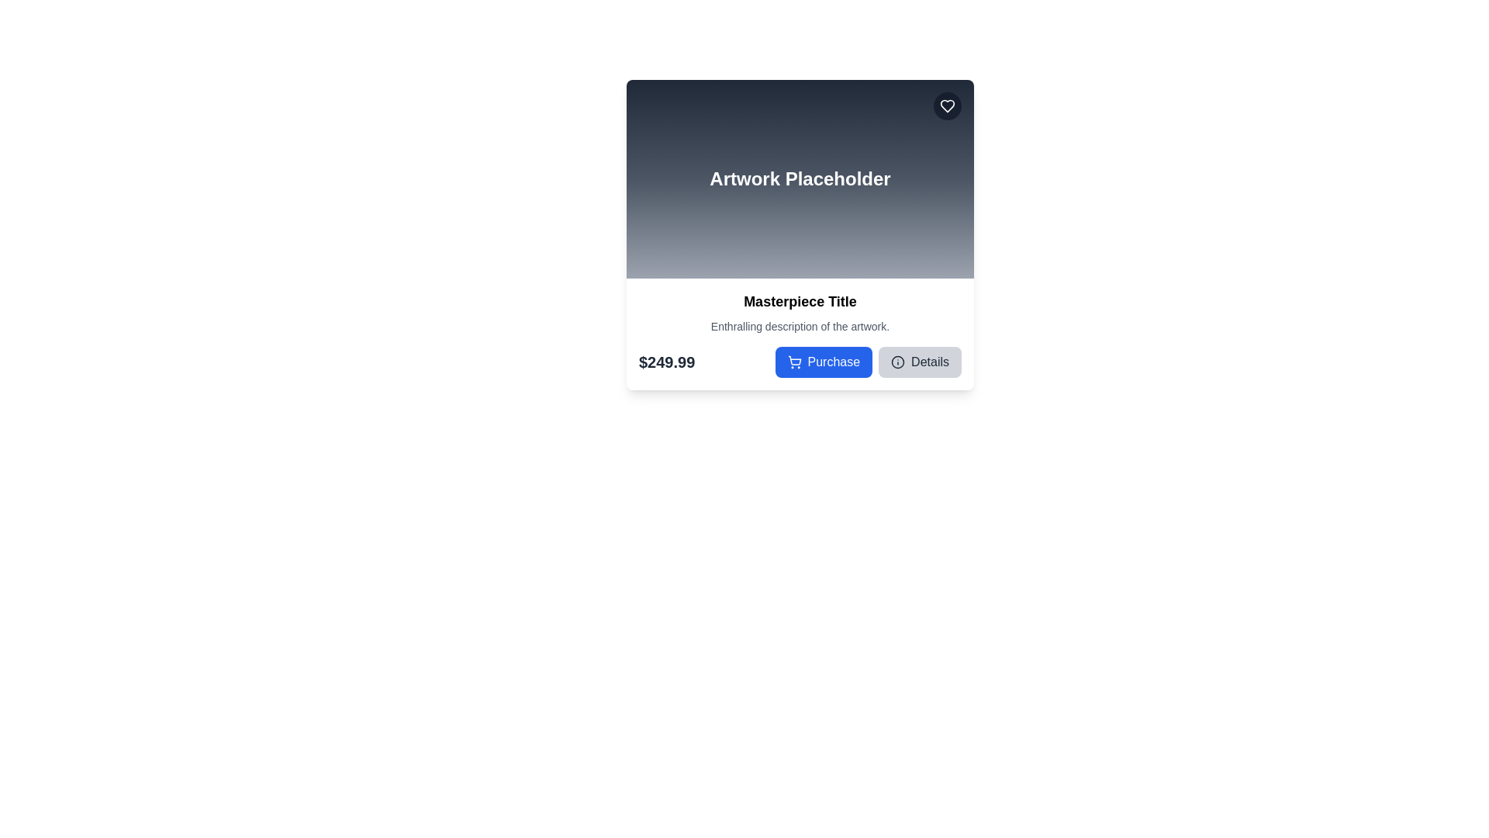 This screenshot has height=838, width=1489. Describe the element at coordinates (823, 362) in the screenshot. I see `the blue 'Purchase' button with rounded corners located in the middle of the page to initiate the purchase` at that location.